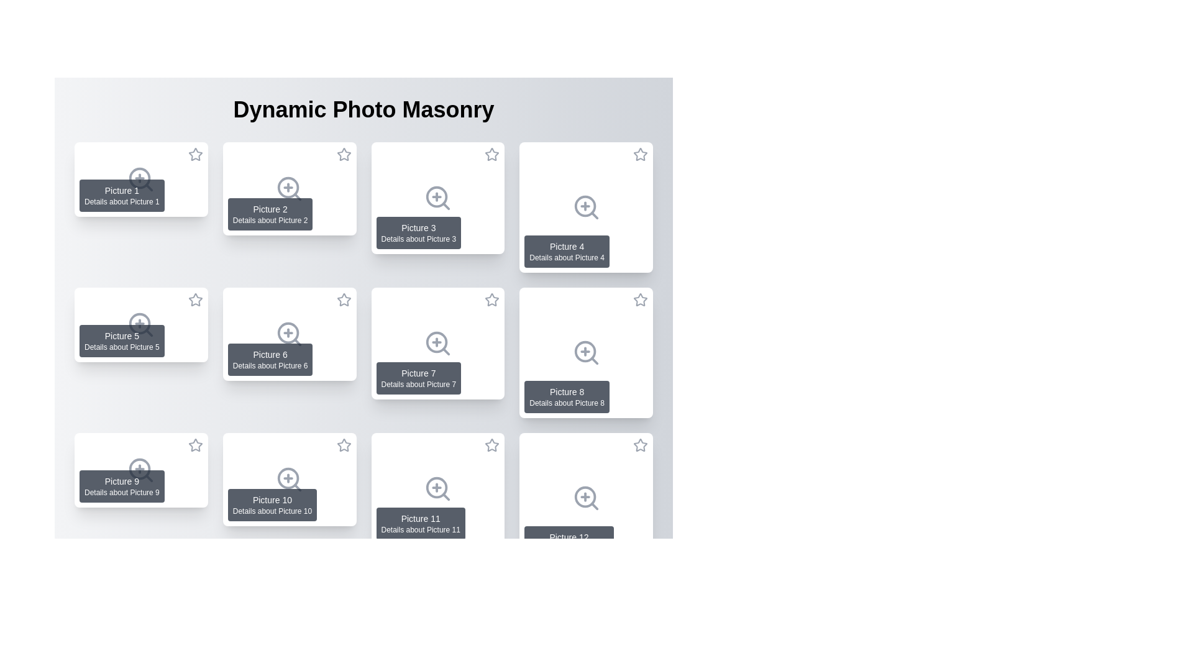 This screenshot has width=1193, height=671. I want to click on the circular vector graphic representing part of a magnifying glass icon located above the text 'Picture 9' and 'Details about Picture 9', so click(140, 469).